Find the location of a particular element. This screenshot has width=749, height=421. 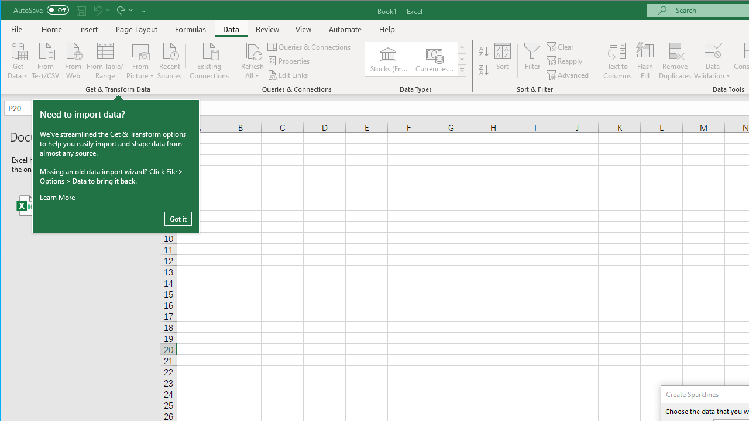

'Stocks (English)' is located at coordinates (388, 58).